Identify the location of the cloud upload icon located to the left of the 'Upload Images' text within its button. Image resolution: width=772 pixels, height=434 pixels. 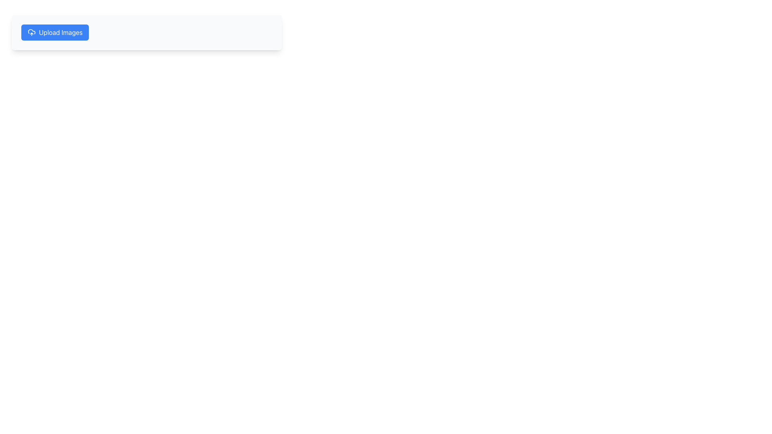
(31, 32).